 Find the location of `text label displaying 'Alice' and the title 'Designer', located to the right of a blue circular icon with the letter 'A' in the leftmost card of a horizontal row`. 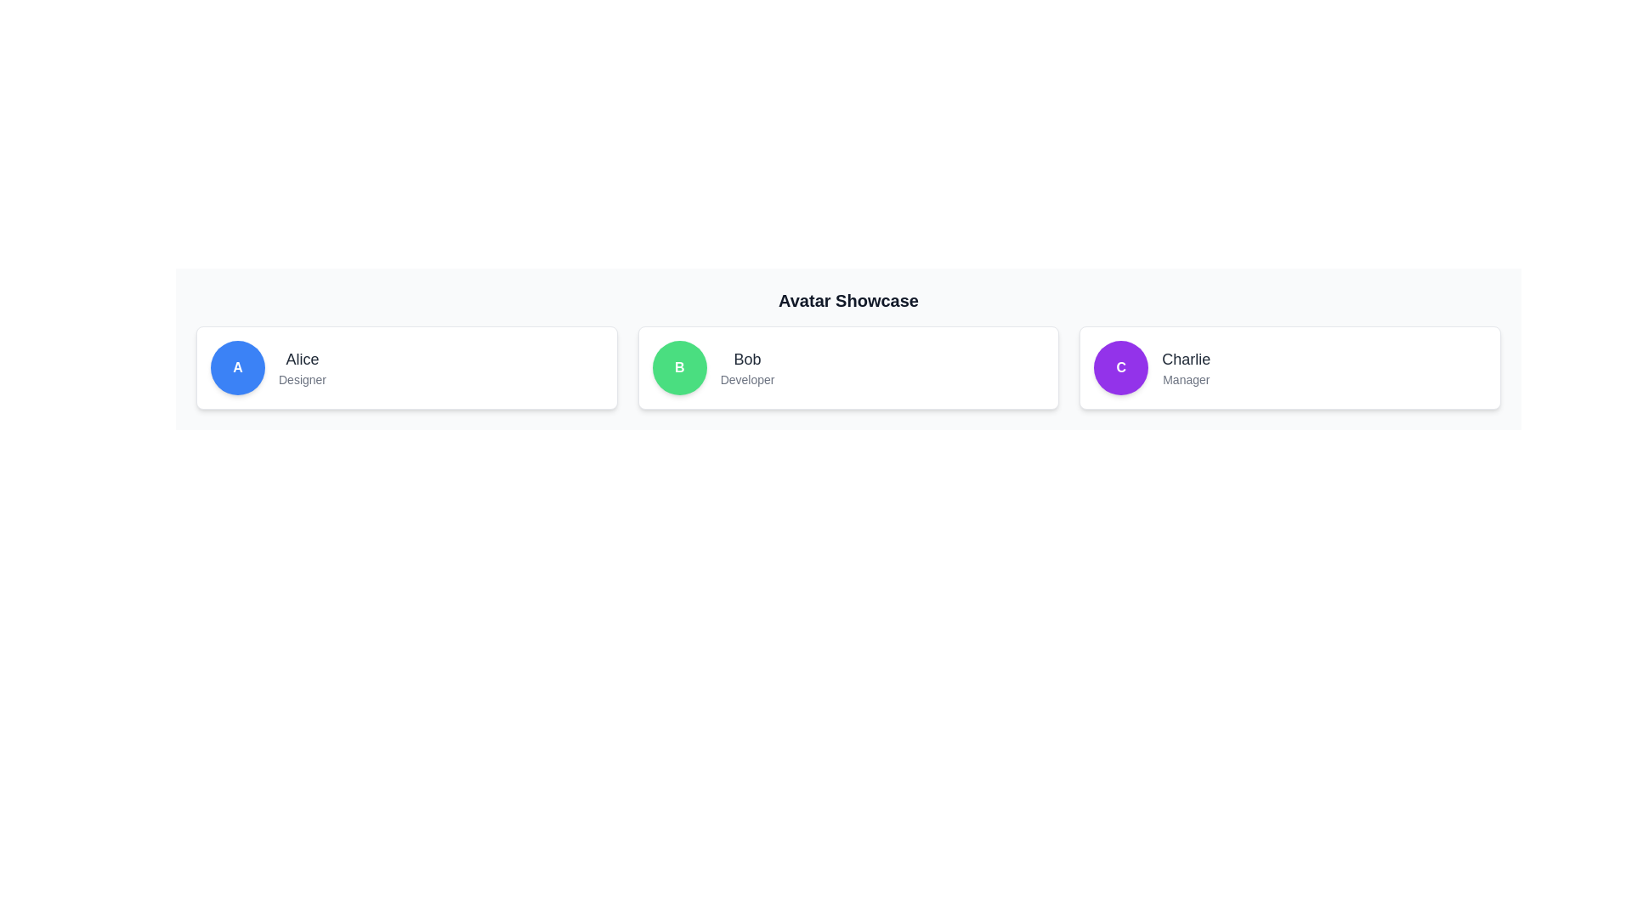

text label displaying 'Alice' and the title 'Designer', located to the right of a blue circular icon with the letter 'A' in the leftmost card of a horizontal row is located at coordinates (302, 366).